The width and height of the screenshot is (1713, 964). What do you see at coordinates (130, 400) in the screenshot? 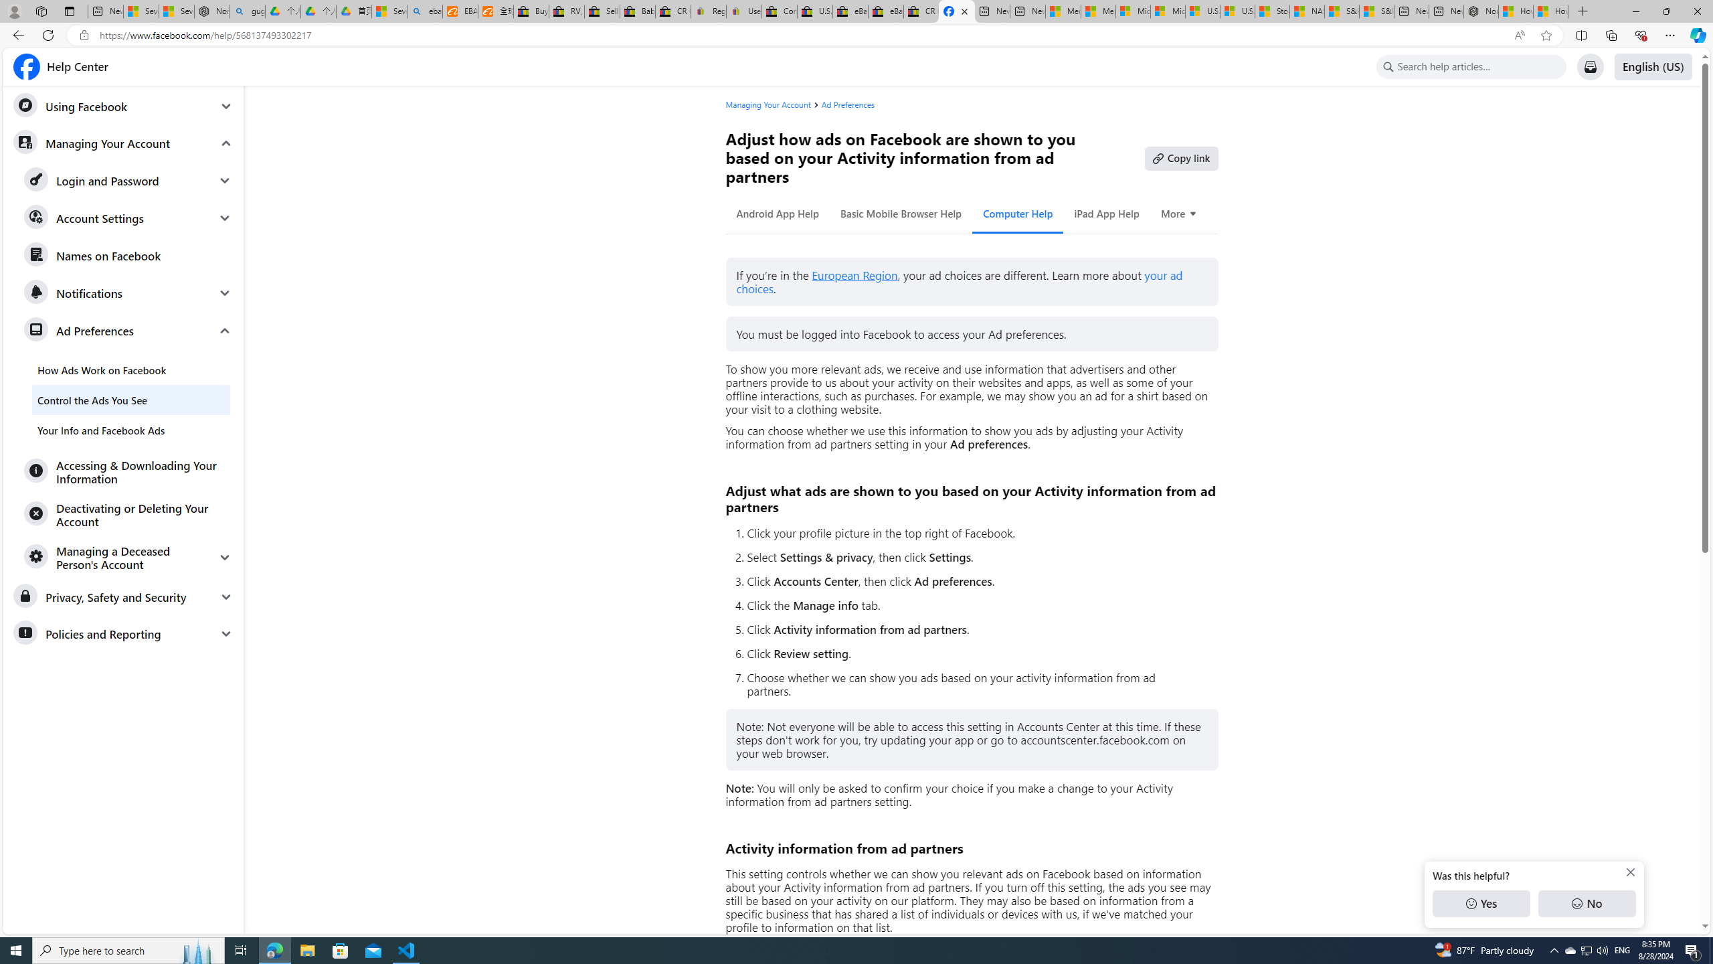
I see `'Control the Ads You See'` at bounding box center [130, 400].